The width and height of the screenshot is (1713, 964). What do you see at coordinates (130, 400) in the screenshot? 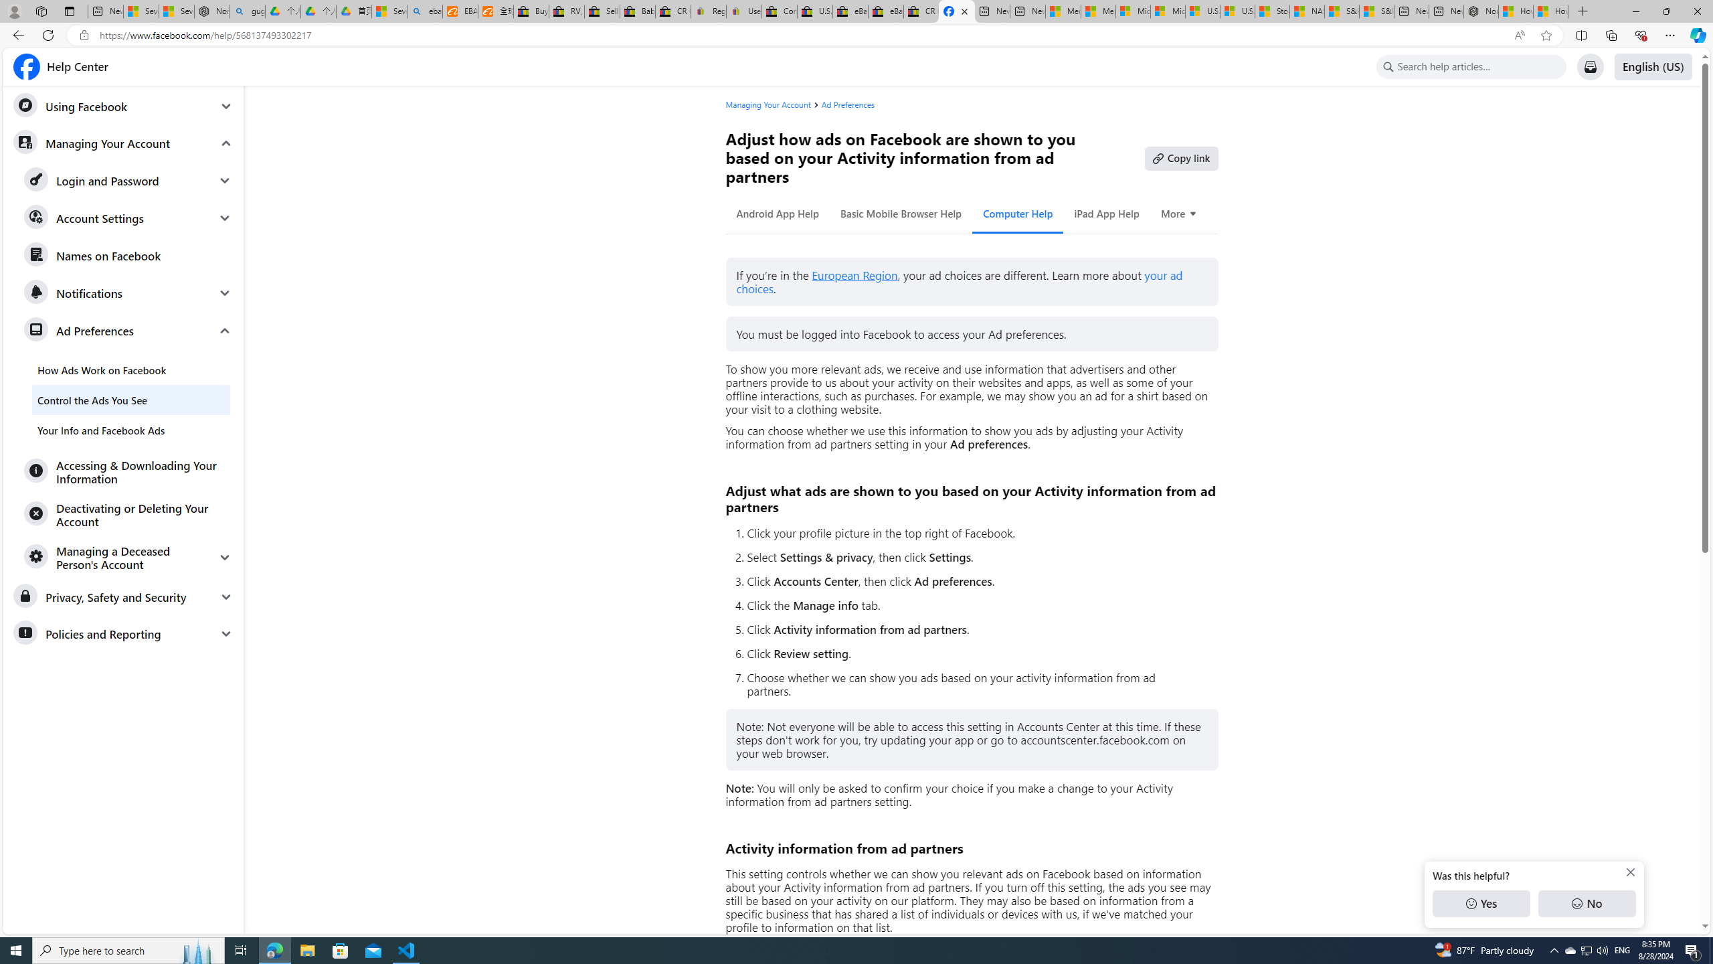
I see `'Control the Ads You See'` at bounding box center [130, 400].